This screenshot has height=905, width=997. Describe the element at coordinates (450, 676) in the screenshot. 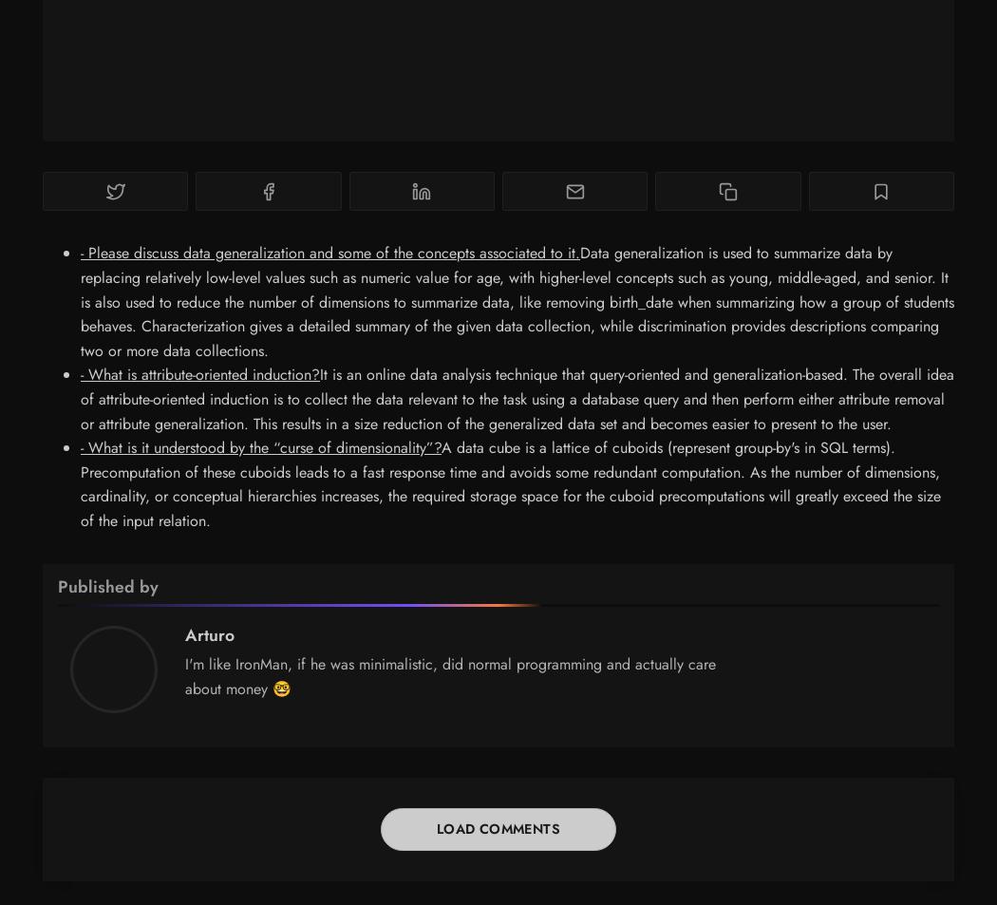

I see `'I'm like IronMan, if he was minimalistic, did normal programming and actually care about money 🤓'` at that location.